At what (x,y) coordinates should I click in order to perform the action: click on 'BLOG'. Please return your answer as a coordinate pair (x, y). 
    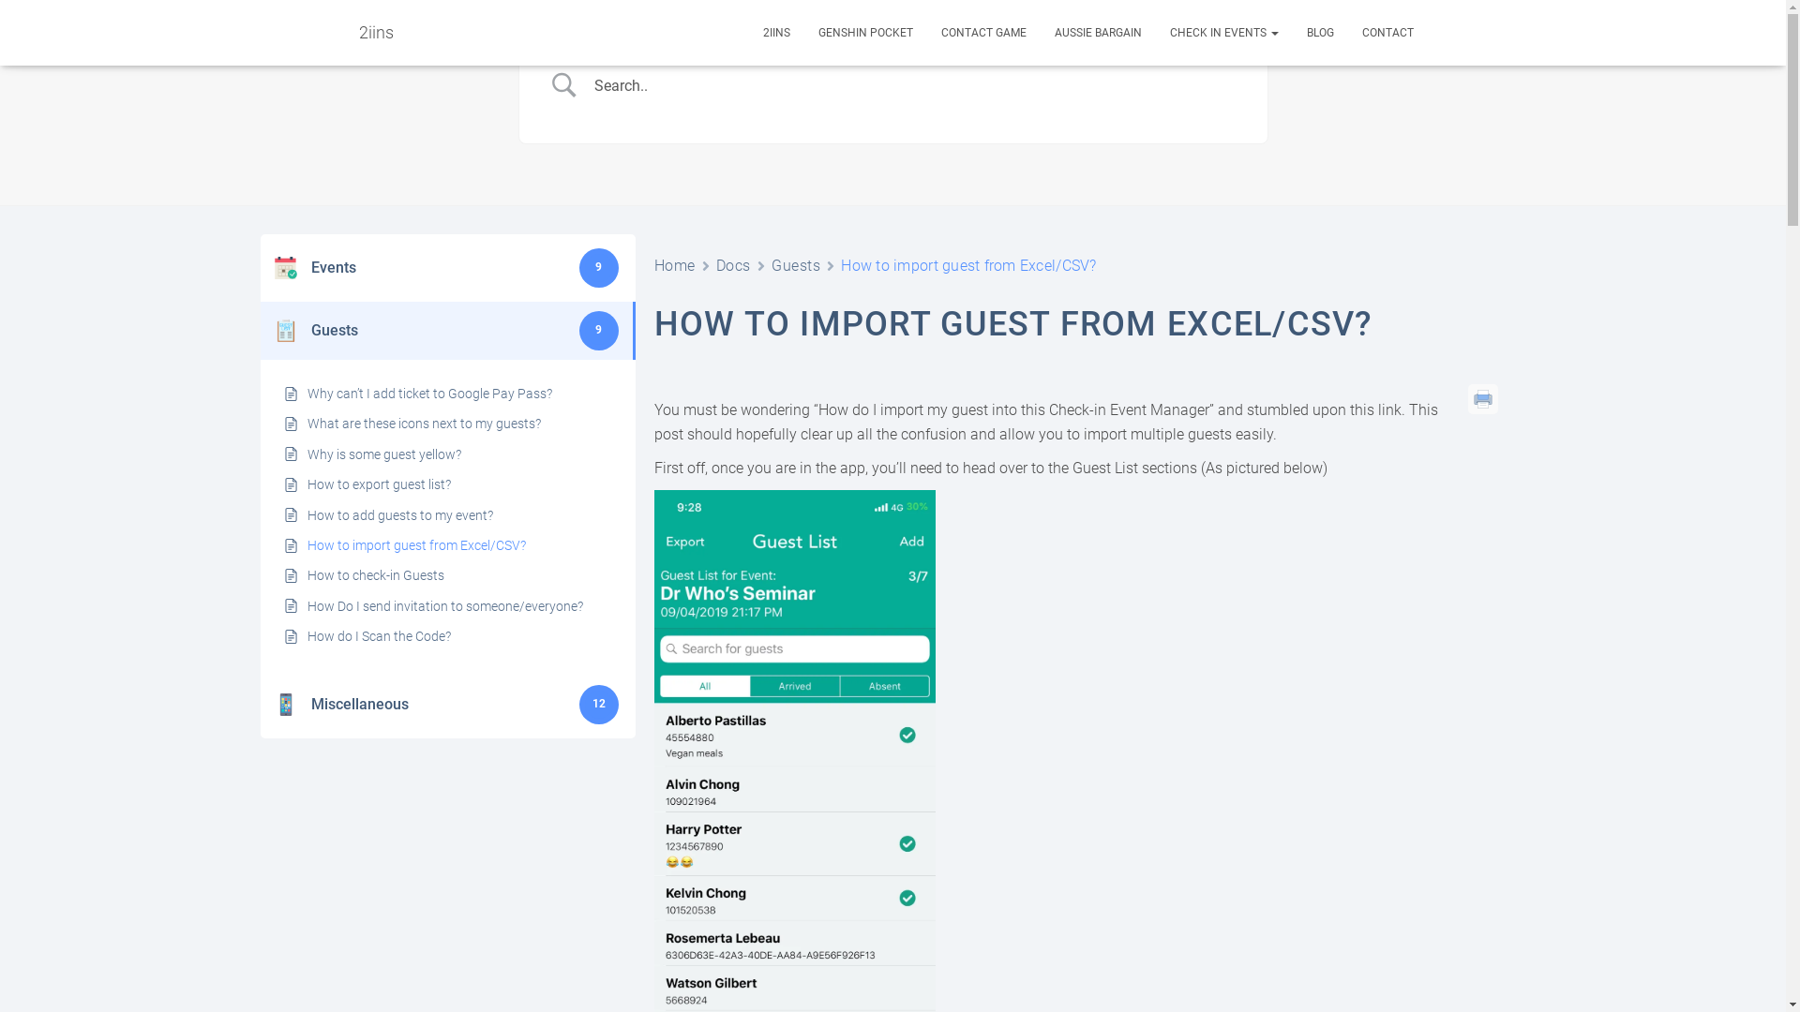
    Looking at the image, I should click on (1318, 32).